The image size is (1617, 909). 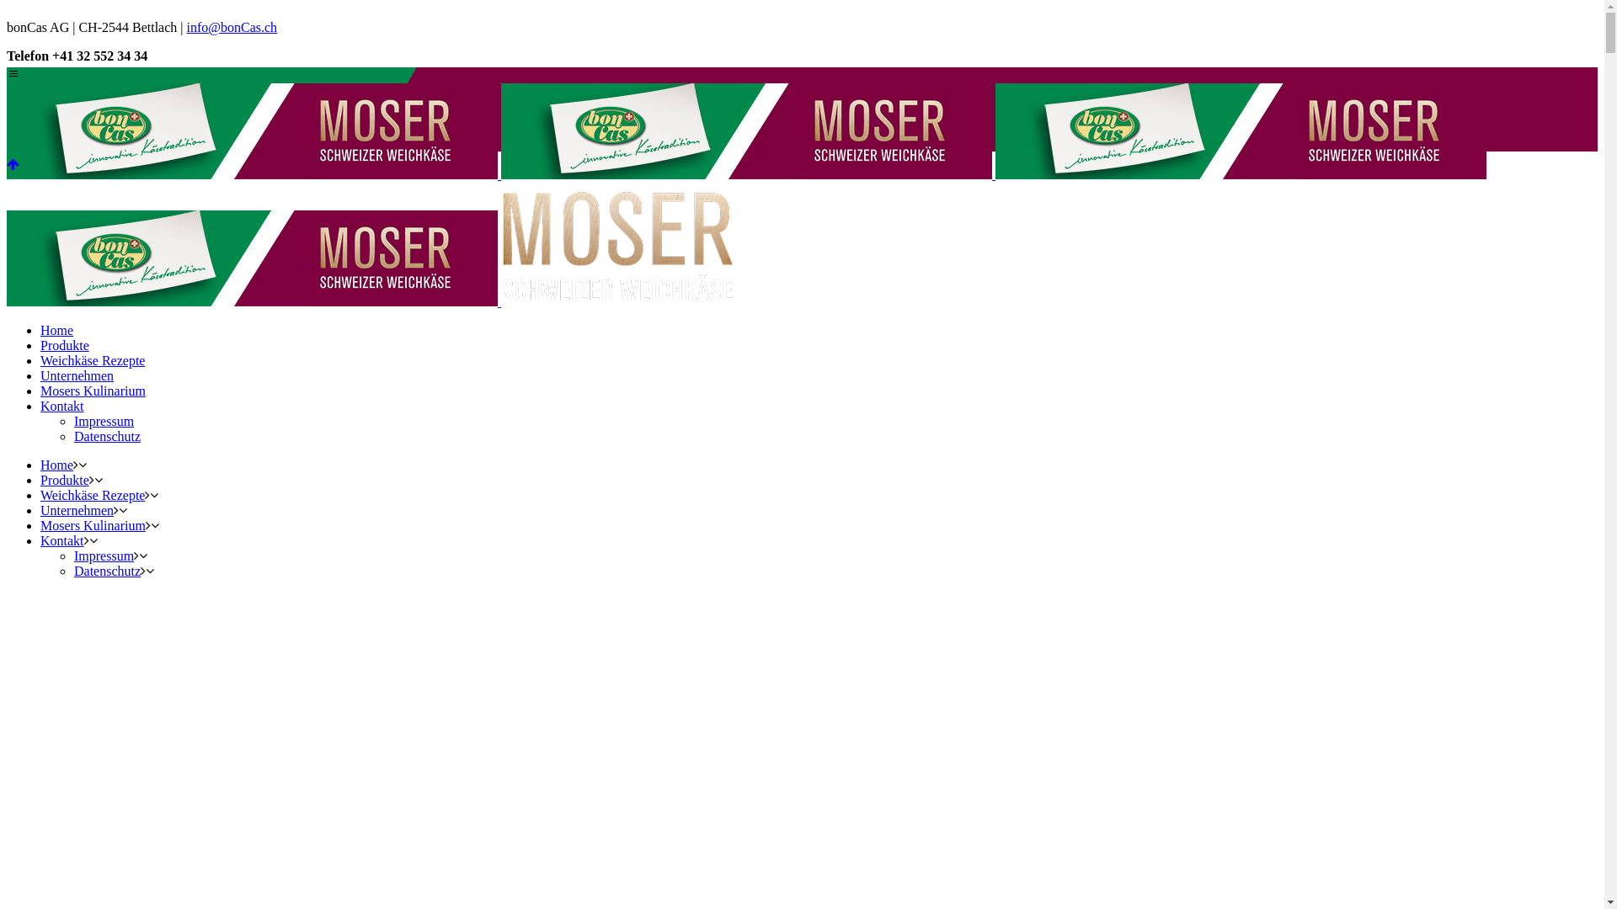 What do you see at coordinates (72, 420) in the screenshot?
I see `'Impressum'` at bounding box center [72, 420].